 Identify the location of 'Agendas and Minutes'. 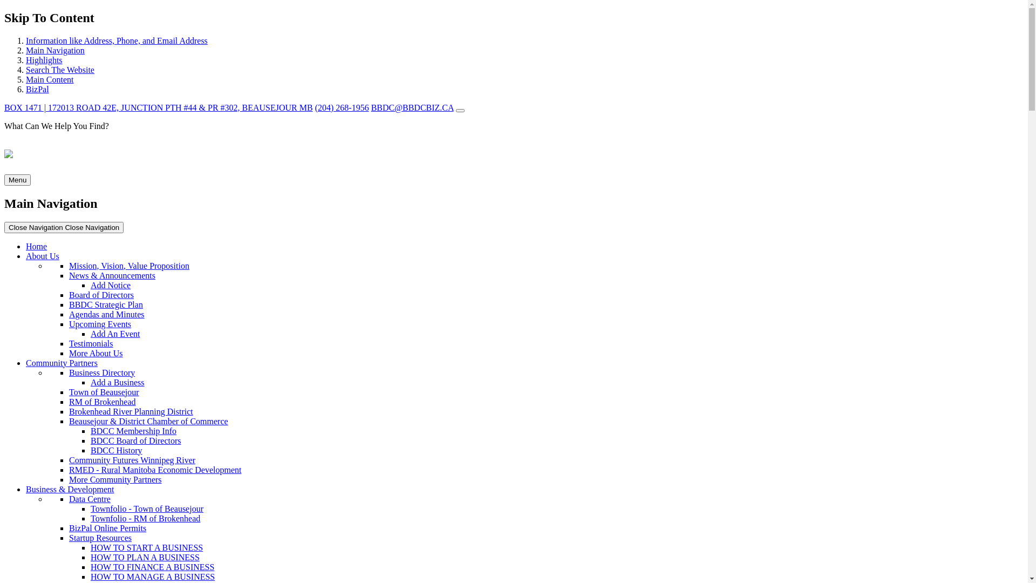
(106, 314).